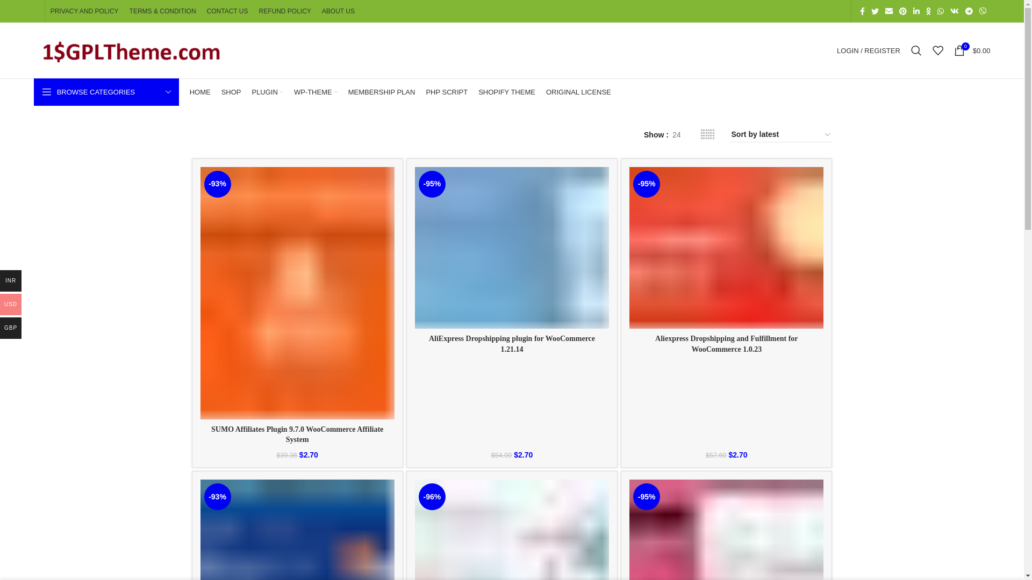  What do you see at coordinates (477, 92) in the screenshot?
I see `'SHOPIFY THEME'` at bounding box center [477, 92].